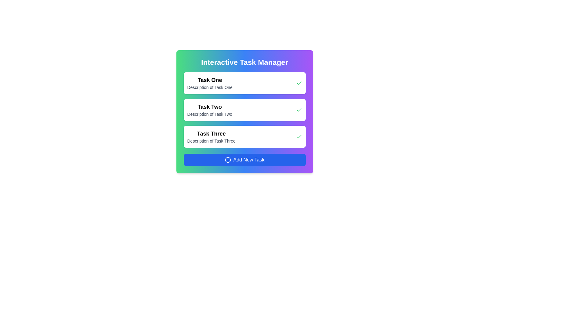 The image size is (586, 329). What do you see at coordinates (244, 110) in the screenshot?
I see `the task list item, which is the second item in a vertical stack` at bounding box center [244, 110].